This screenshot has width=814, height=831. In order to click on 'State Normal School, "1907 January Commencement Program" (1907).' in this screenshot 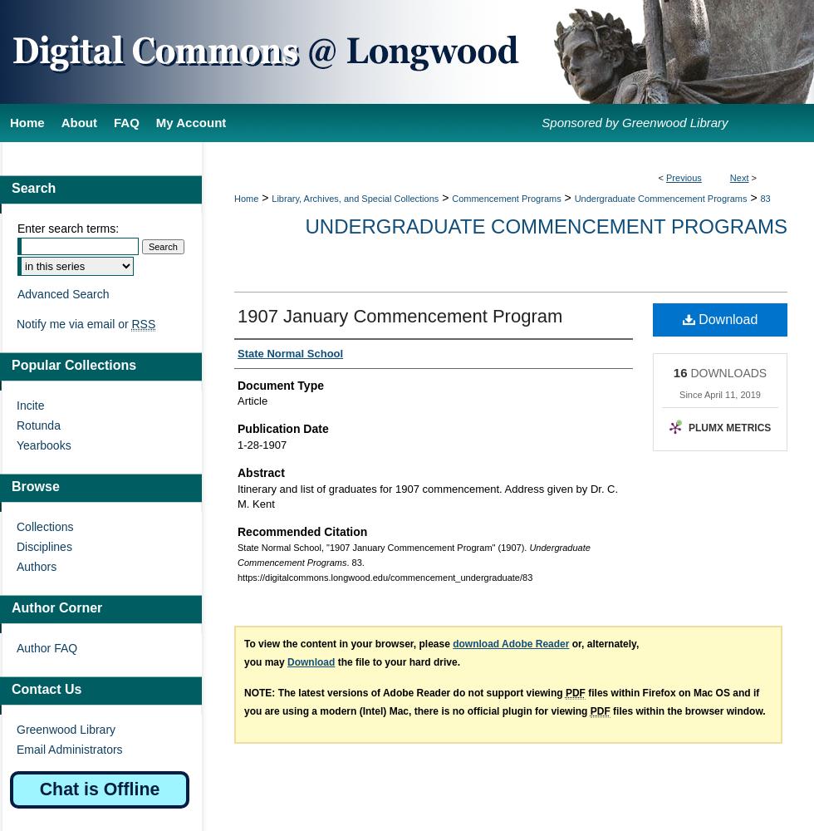, I will do `click(383, 548)`.